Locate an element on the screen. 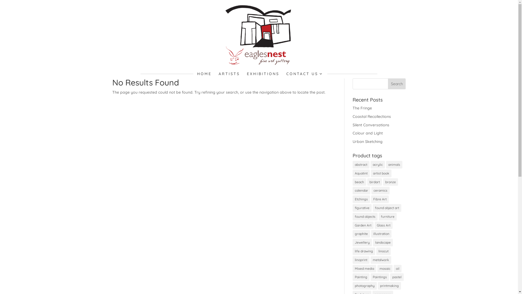 The image size is (522, 294). 'acrylic' is located at coordinates (377, 164).